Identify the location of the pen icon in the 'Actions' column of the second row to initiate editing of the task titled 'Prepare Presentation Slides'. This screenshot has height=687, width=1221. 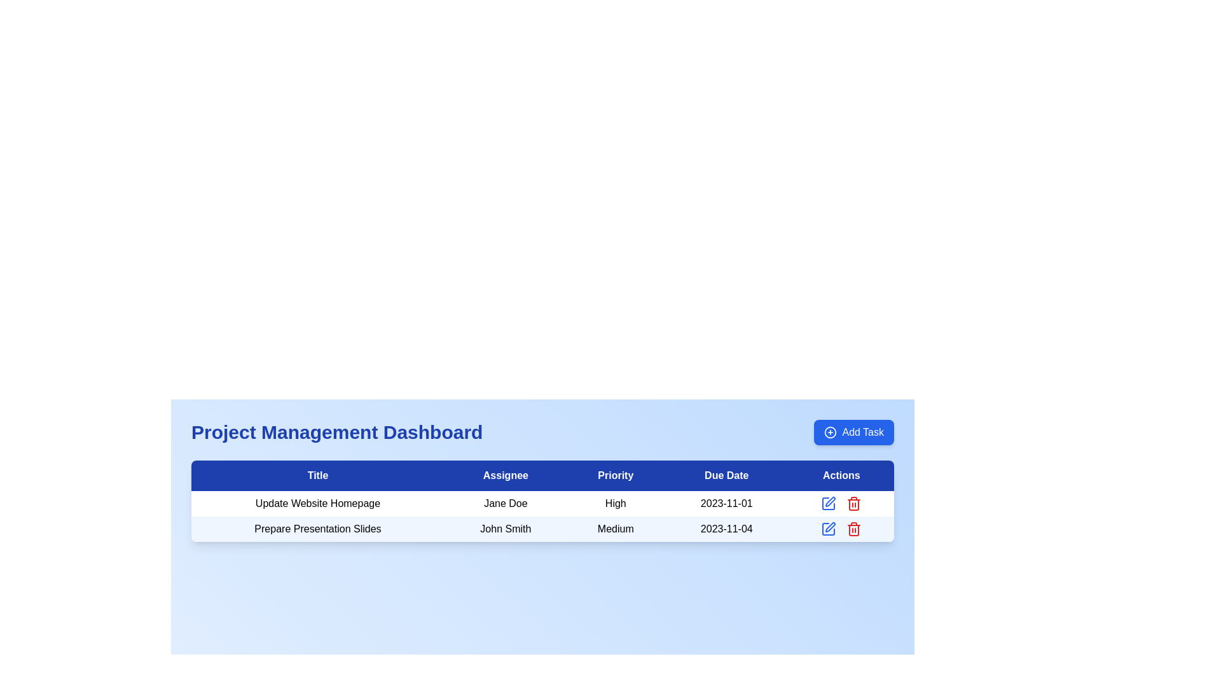
(831, 501).